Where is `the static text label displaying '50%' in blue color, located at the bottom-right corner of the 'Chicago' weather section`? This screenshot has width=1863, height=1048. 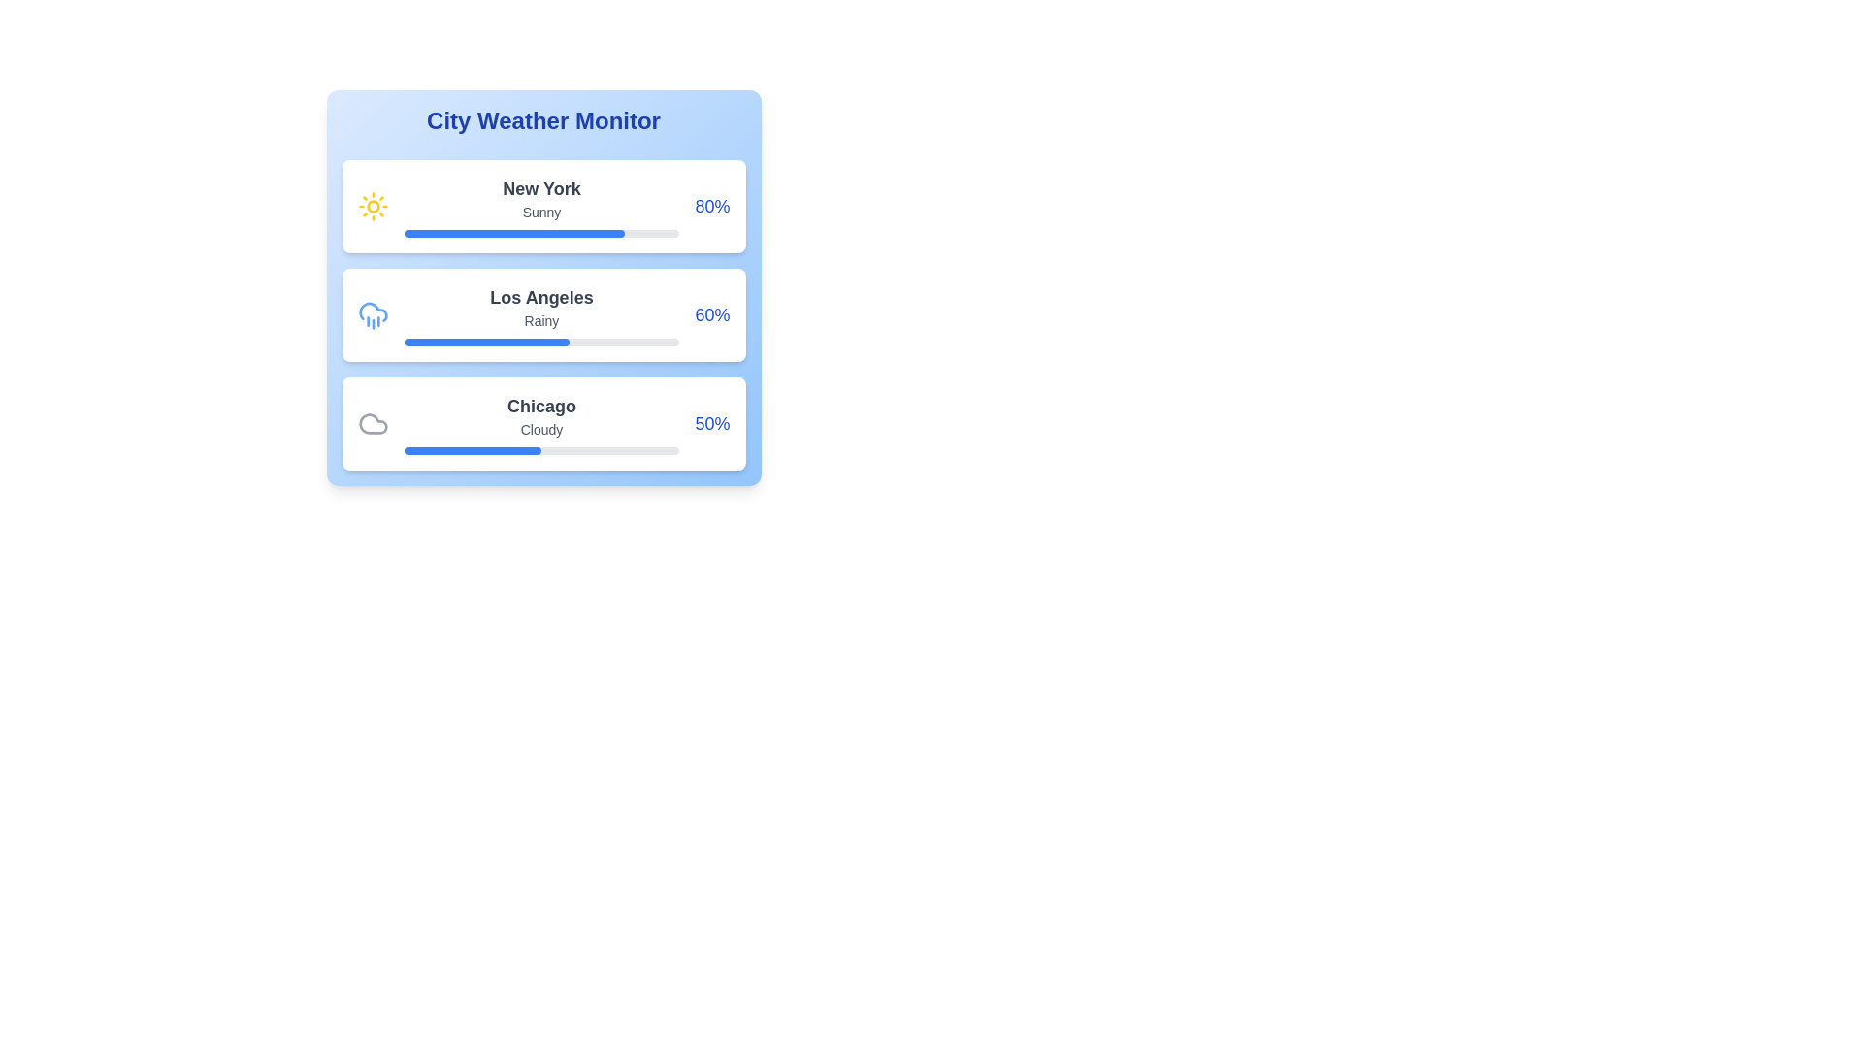
the static text label displaying '50%' in blue color, located at the bottom-right corner of the 'Chicago' weather section is located at coordinates (711, 422).